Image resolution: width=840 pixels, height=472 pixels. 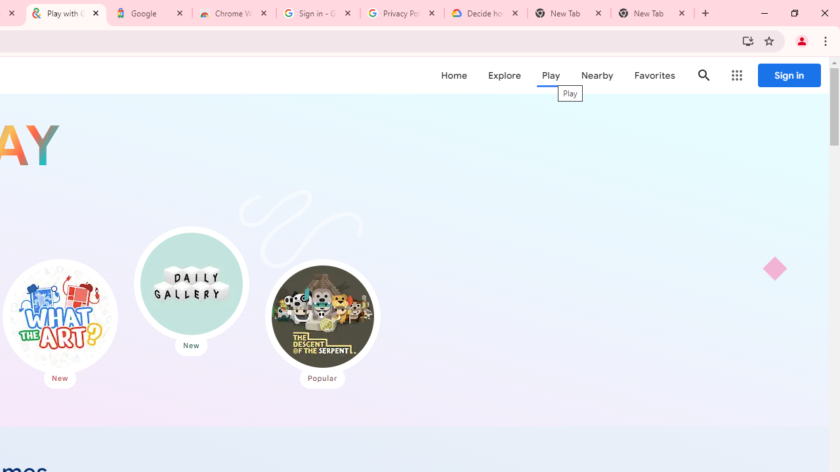 What do you see at coordinates (322, 317) in the screenshot?
I see `'The Descent of the Serpent'` at bounding box center [322, 317].